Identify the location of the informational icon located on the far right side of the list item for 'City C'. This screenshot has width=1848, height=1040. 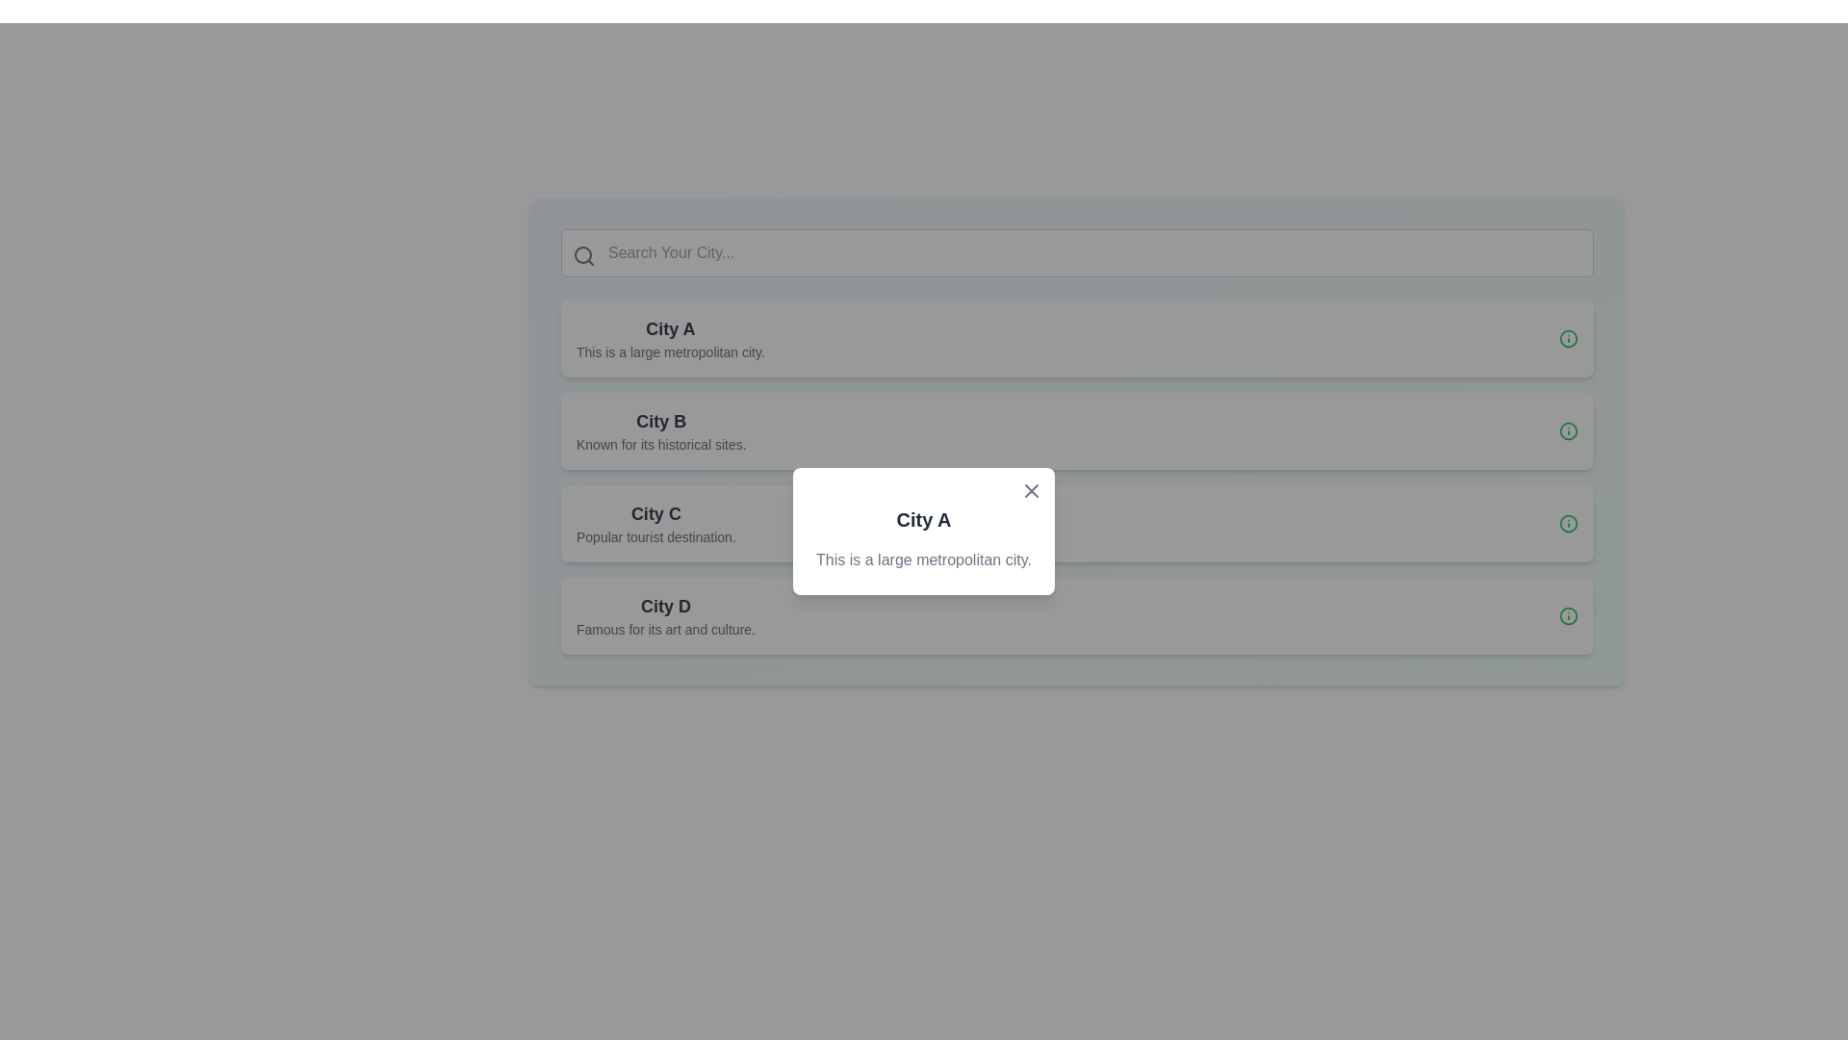
(1569, 523).